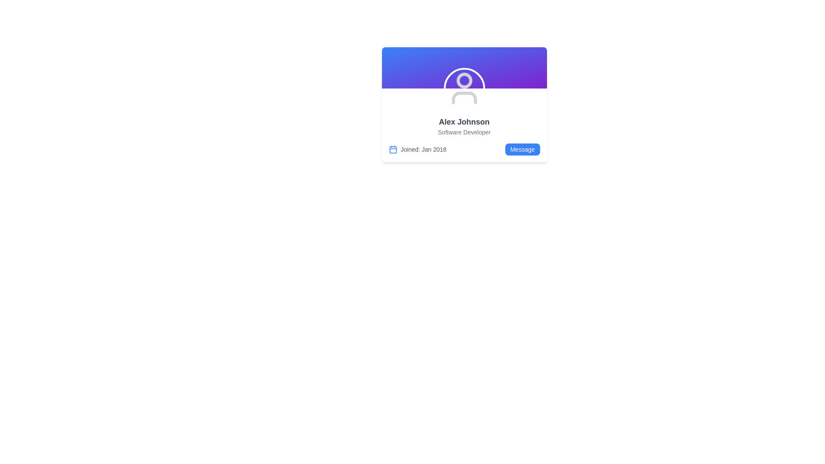  I want to click on the circular user avatar profile picture located at the top of the card, which serves as the focal point of the user's identity, so click(464, 80).